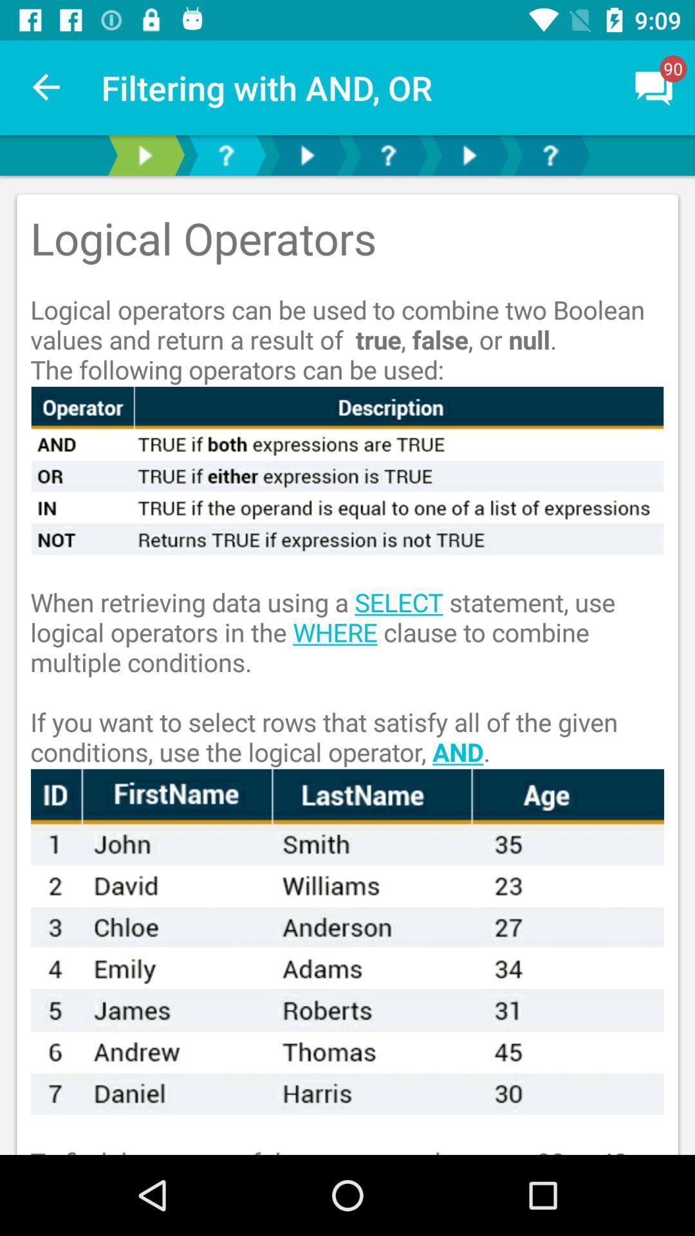 Image resolution: width=695 pixels, height=1236 pixels. I want to click on item to the left of filtering with and, so click(46, 87).